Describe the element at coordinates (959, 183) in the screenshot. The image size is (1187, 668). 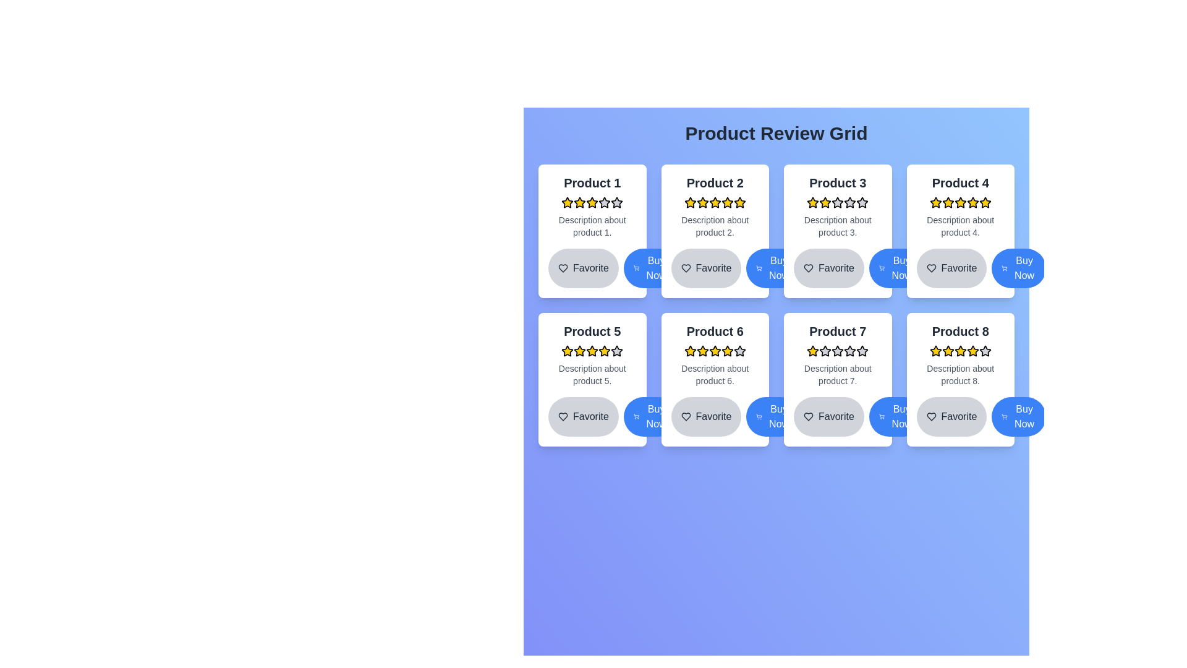
I see `the title text of the product card for 'Product 4', which is located at the upper-center portion of the card layout` at that location.